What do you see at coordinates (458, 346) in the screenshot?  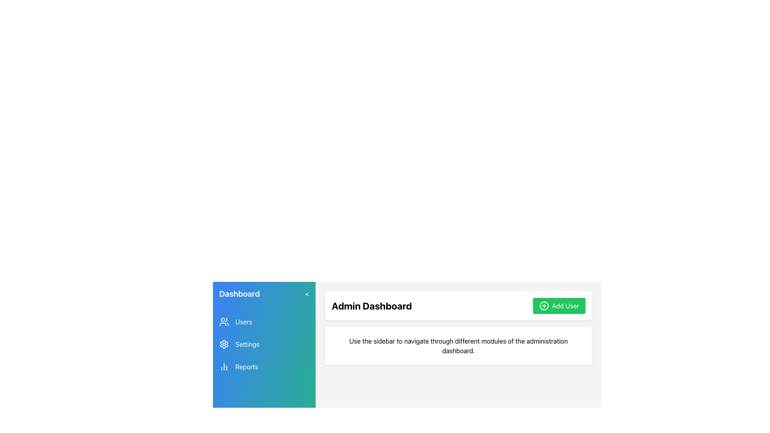 I see `text from the Text Label element that contains the phrase 'Use the sidebar to navigate through different modules of the administration dashboard.' which is located below the 'Admin Dashboard' heading and the 'Add User' button` at bounding box center [458, 346].